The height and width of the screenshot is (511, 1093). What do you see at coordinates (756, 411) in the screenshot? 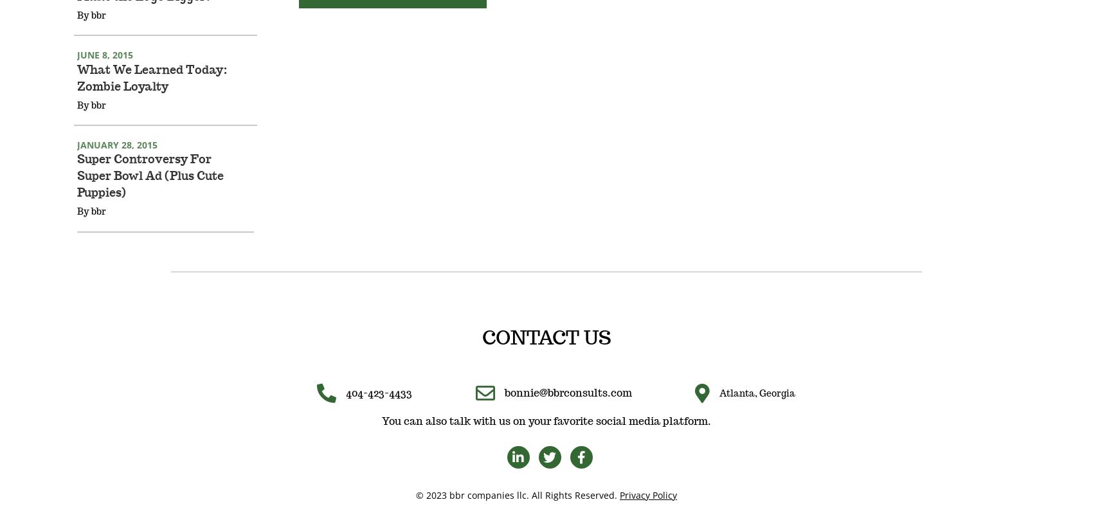
I see `'Atlanta, Georgia'` at bounding box center [756, 411].